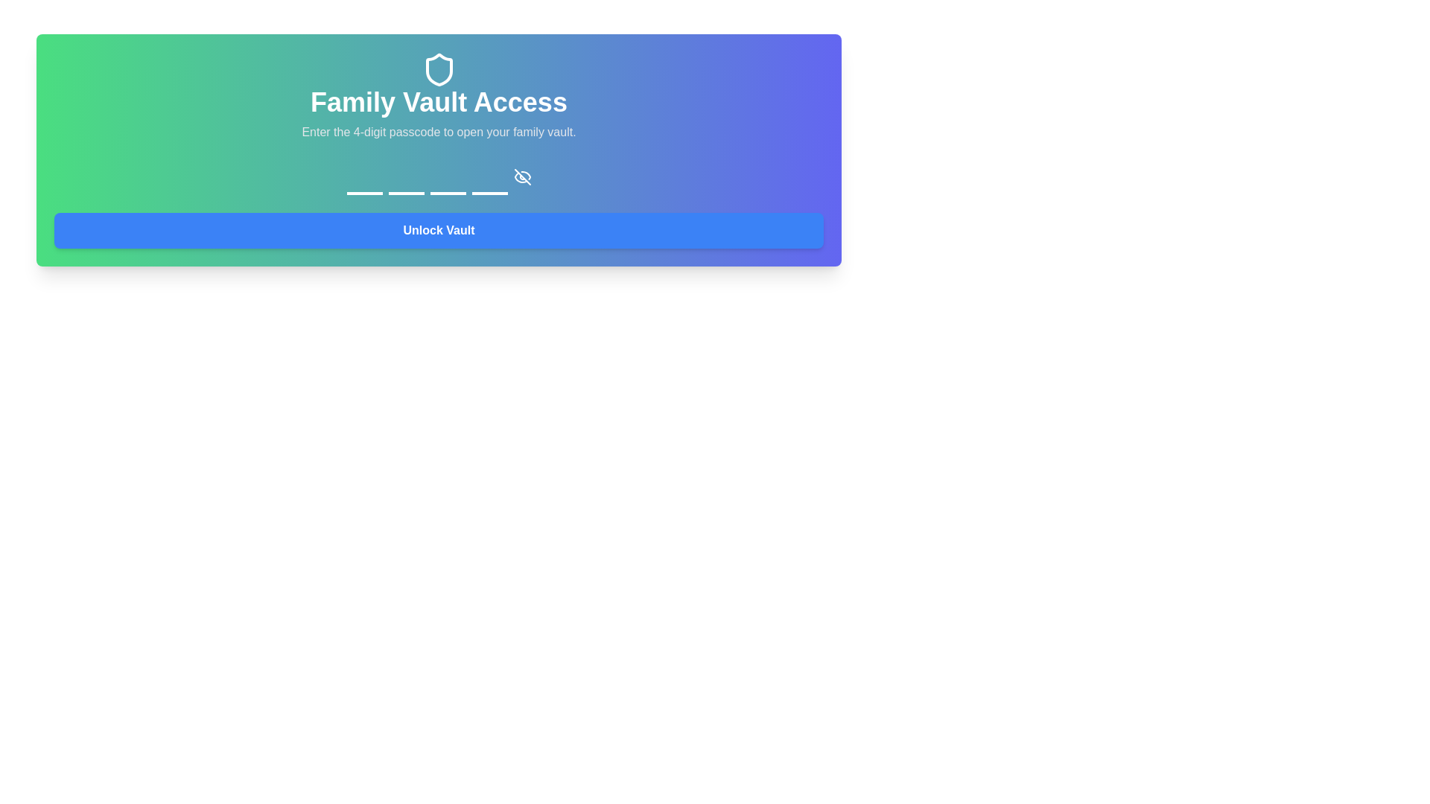 This screenshot has width=1430, height=804. Describe the element at coordinates (438, 131) in the screenshot. I see `the instructional text display that guides the user to enter a passcode for the family vault, located centrally below the title 'Family Vault Access'` at that location.